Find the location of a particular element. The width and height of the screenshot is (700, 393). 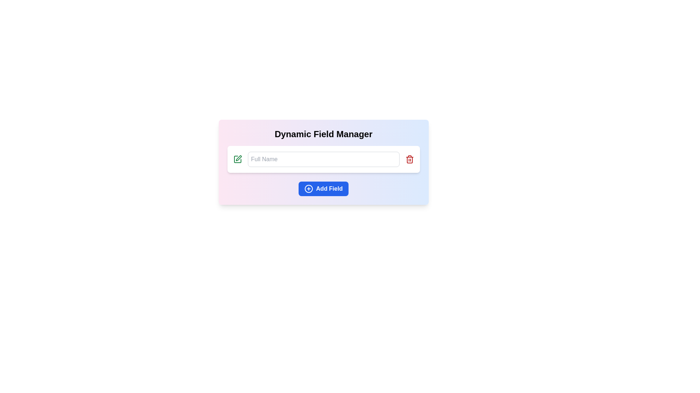

the Text Label element that serves as the header titled 'Dynamic Field Manager', positioned at the top-center of the card is located at coordinates (323, 134).